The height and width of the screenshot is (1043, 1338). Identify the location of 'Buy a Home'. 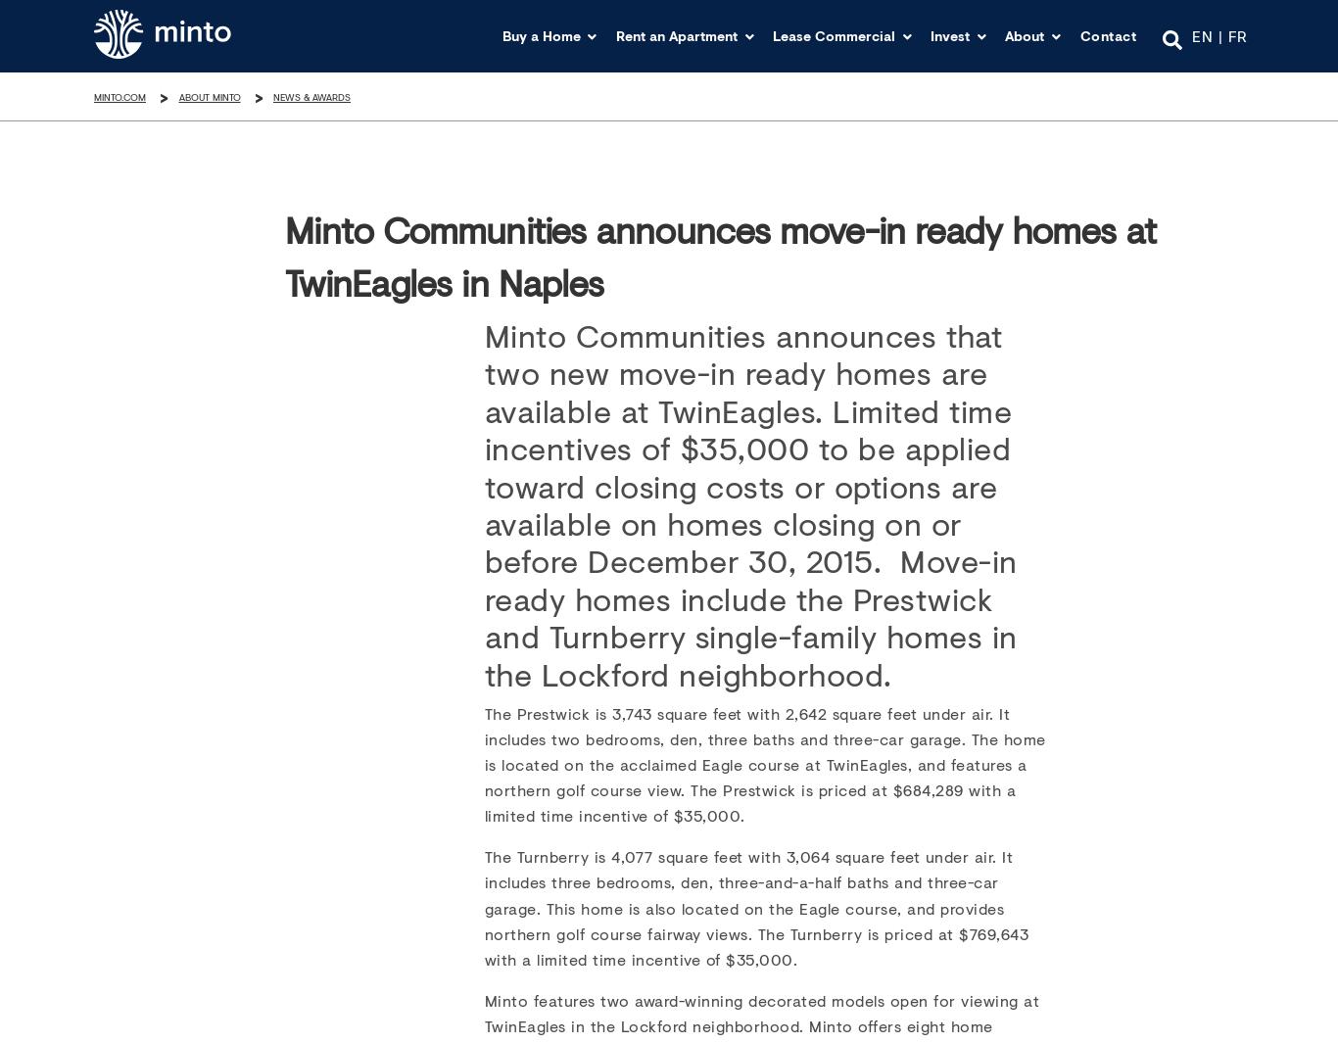
(541, 34).